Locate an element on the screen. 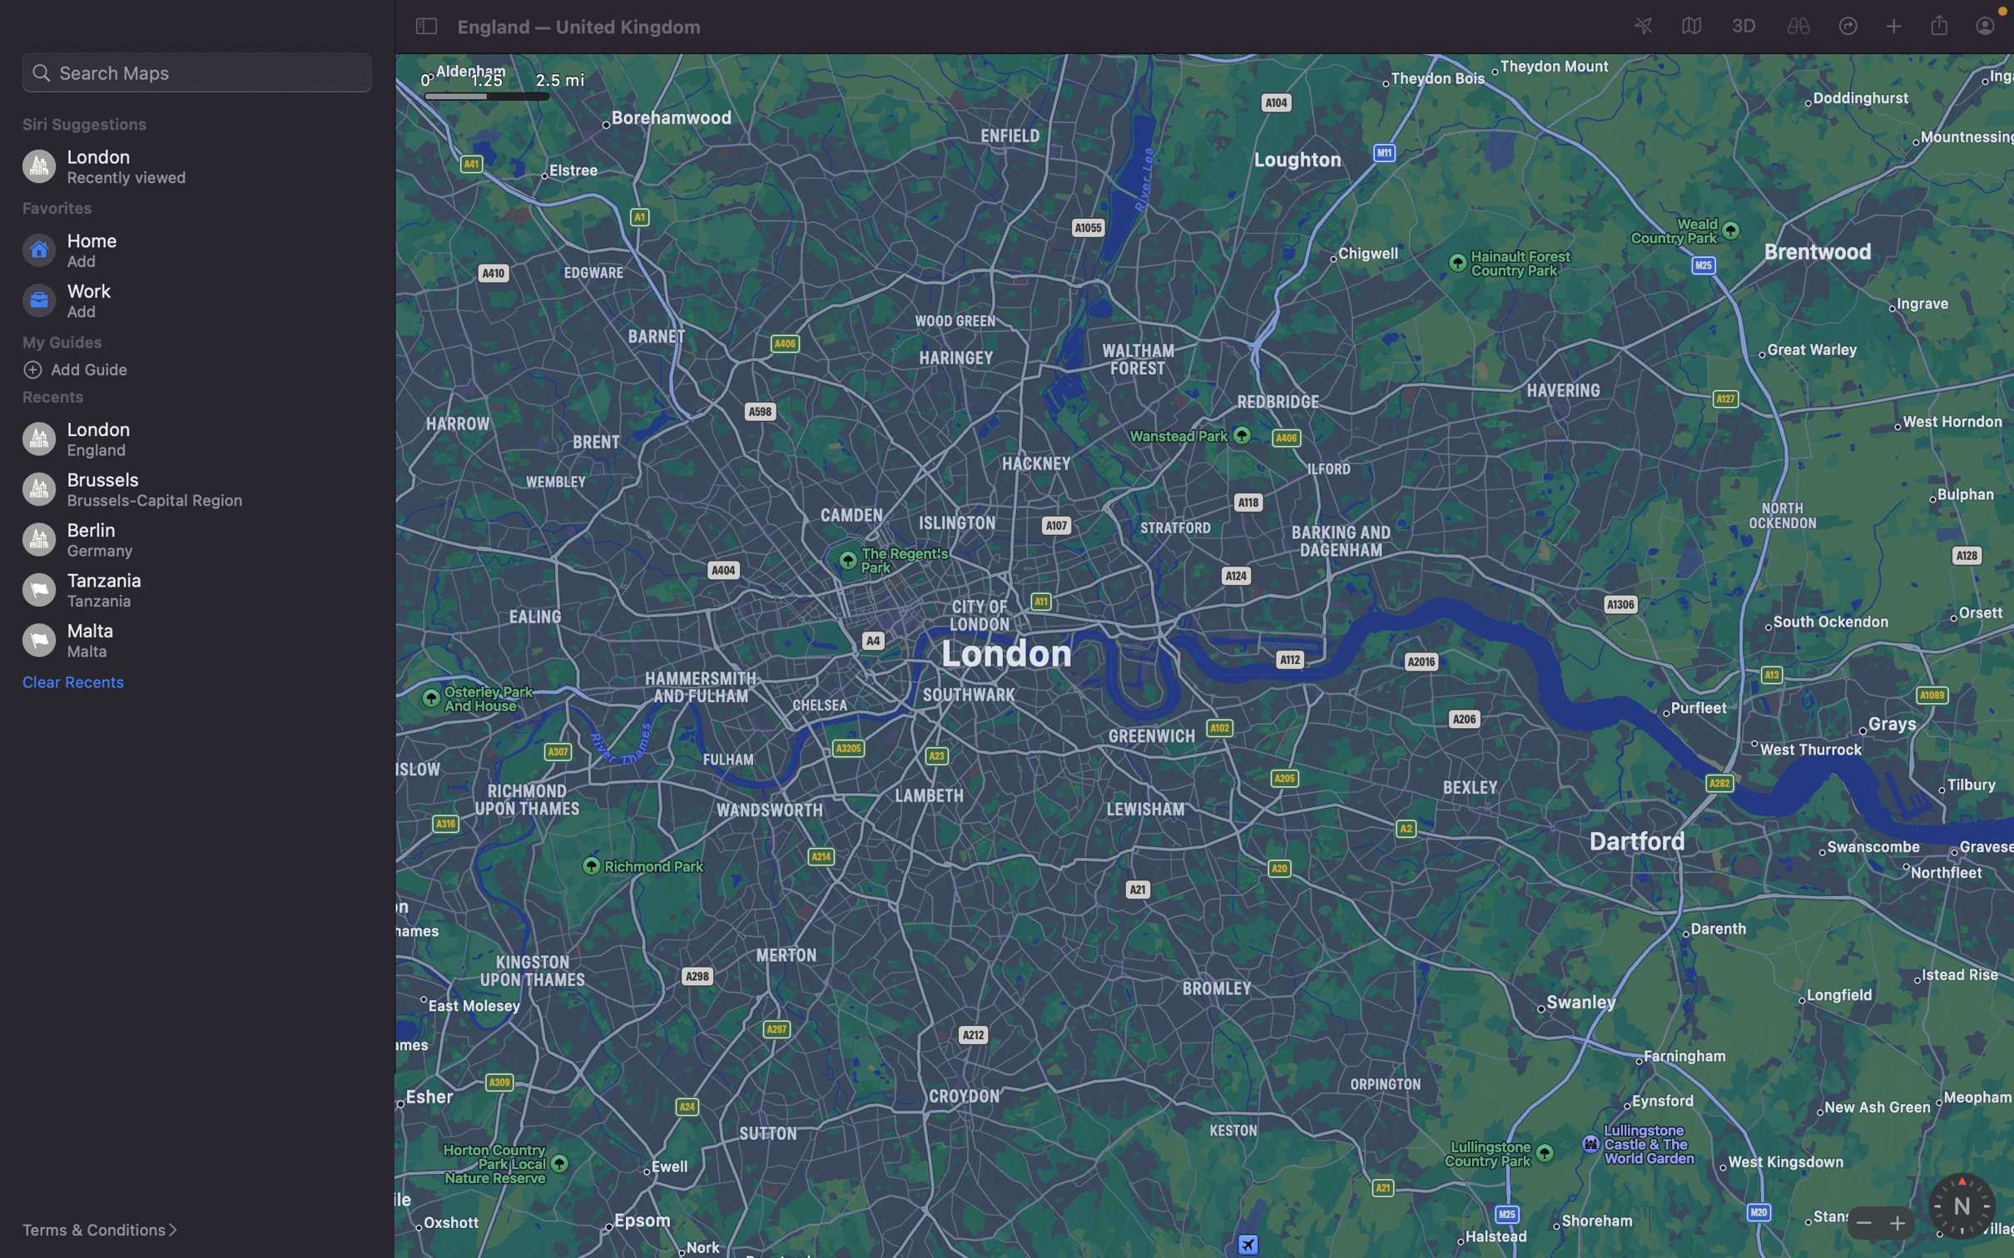 The height and width of the screenshot is (1258, 2014). Insert a new workplace location is located at coordinates (201, 301).